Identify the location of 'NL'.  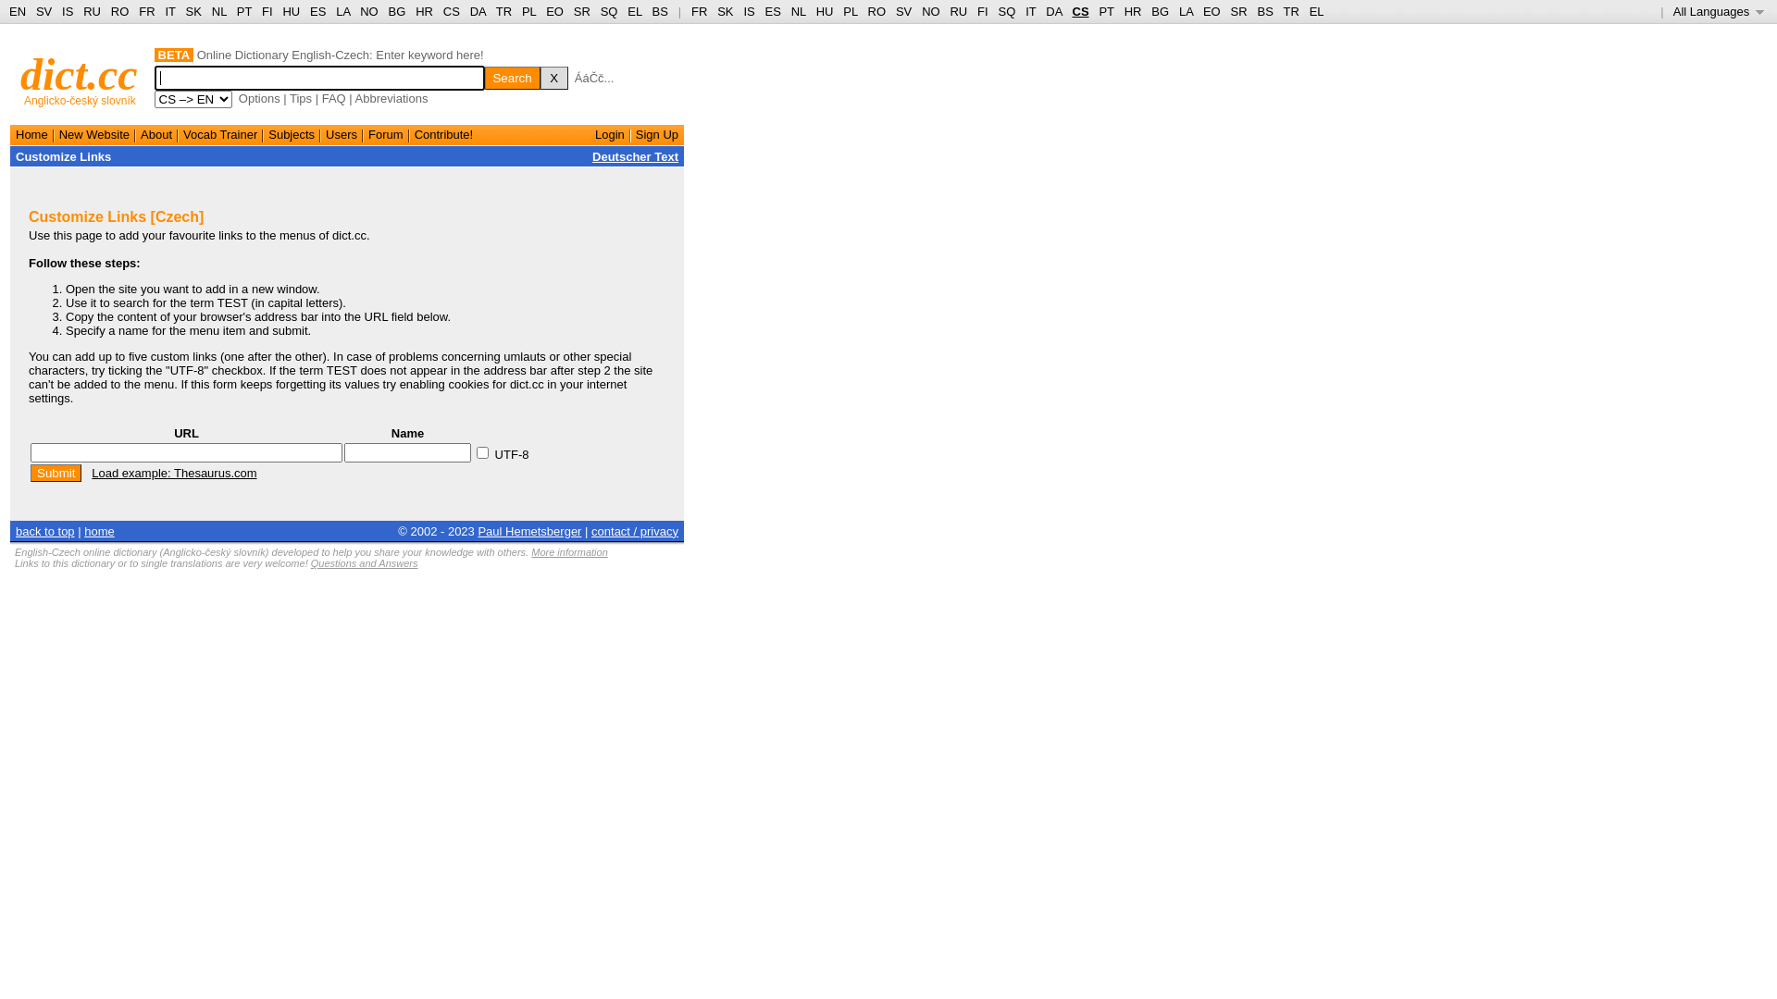
(799, 11).